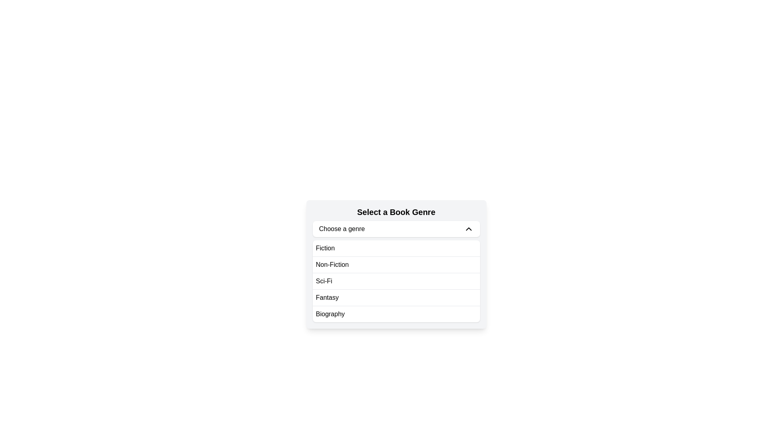 Image resolution: width=772 pixels, height=434 pixels. I want to click on the 'Fiction' option in the genre selection dropdown menu, so click(325, 248).